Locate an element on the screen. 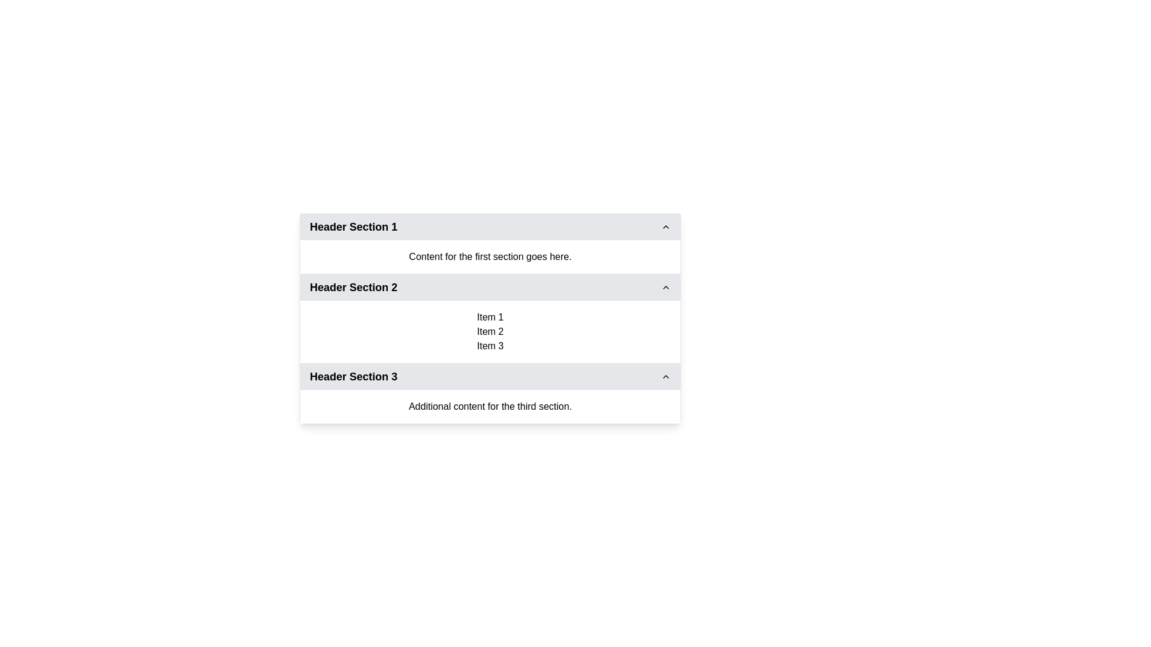 This screenshot has height=647, width=1151. the content area of the group located immediately below the 'Header Section 2' heading to interact with its items is located at coordinates (490, 332).